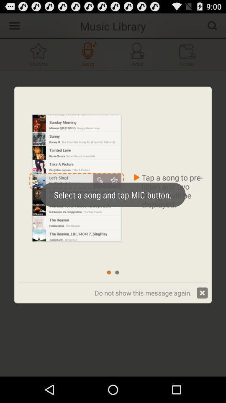 The height and width of the screenshot is (403, 226). What do you see at coordinates (87, 54) in the screenshot?
I see `voice recorded` at bounding box center [87, 54].